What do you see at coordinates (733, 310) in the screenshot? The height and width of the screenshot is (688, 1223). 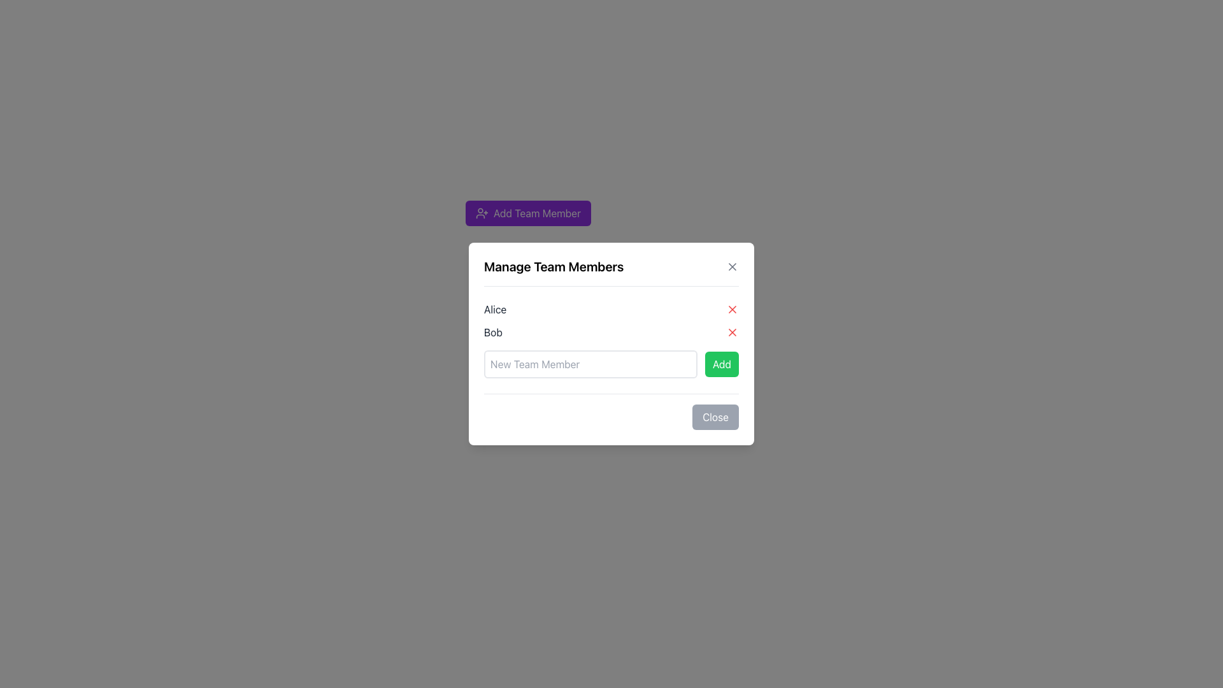 I see `the 'X' icon in the top-right corner of the modal window, which is part of the close button for the dialog box` at bounding box center [733, 310].